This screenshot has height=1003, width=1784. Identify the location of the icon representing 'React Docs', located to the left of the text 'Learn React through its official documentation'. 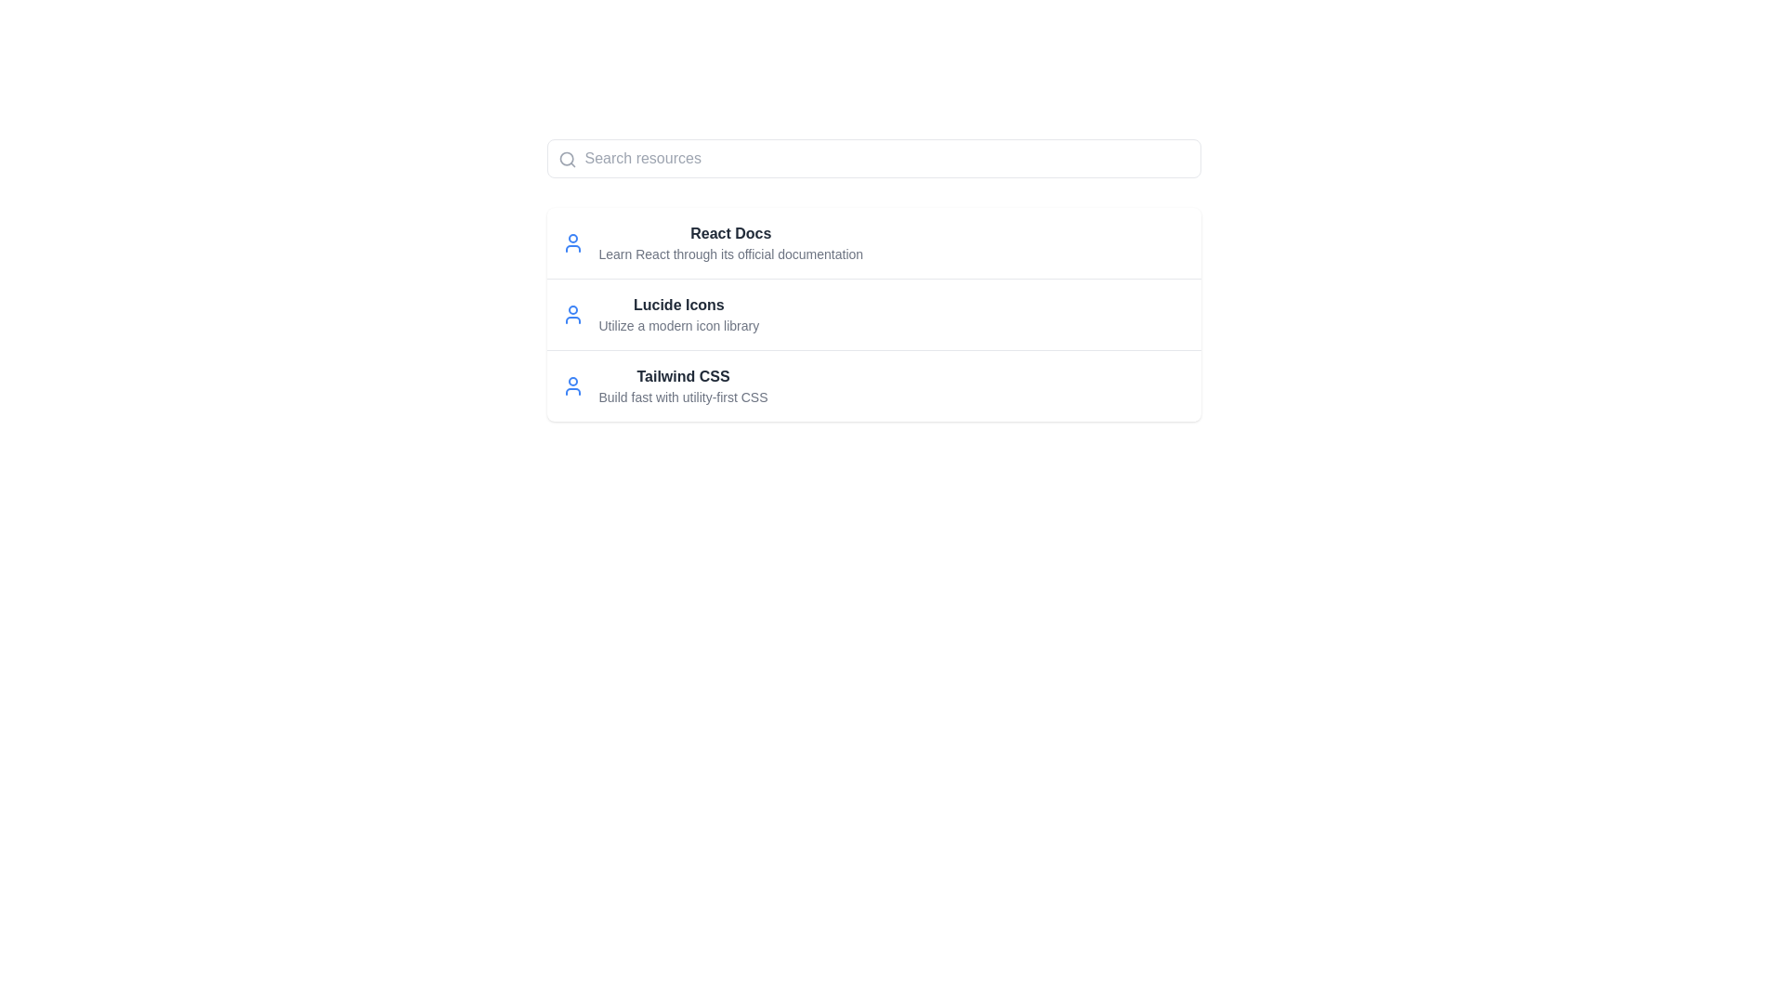
(571, 242).